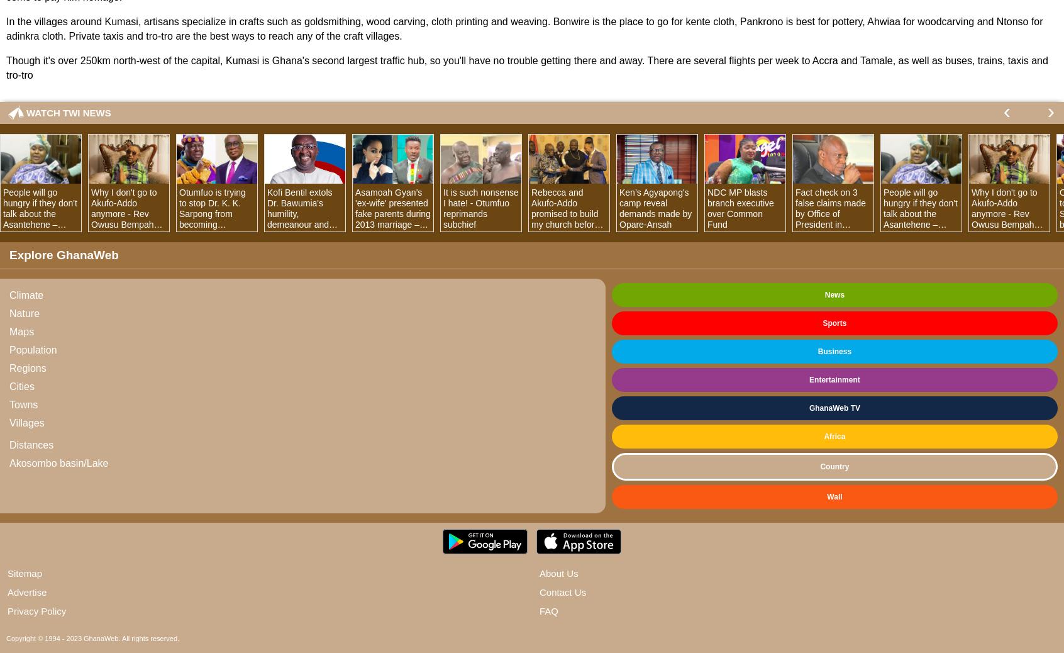 The image size is (1064, 653). I want to click on 'Copyright © 1994 - 2023 GhanaWeb. All rights reserved.', so click(92, 638).